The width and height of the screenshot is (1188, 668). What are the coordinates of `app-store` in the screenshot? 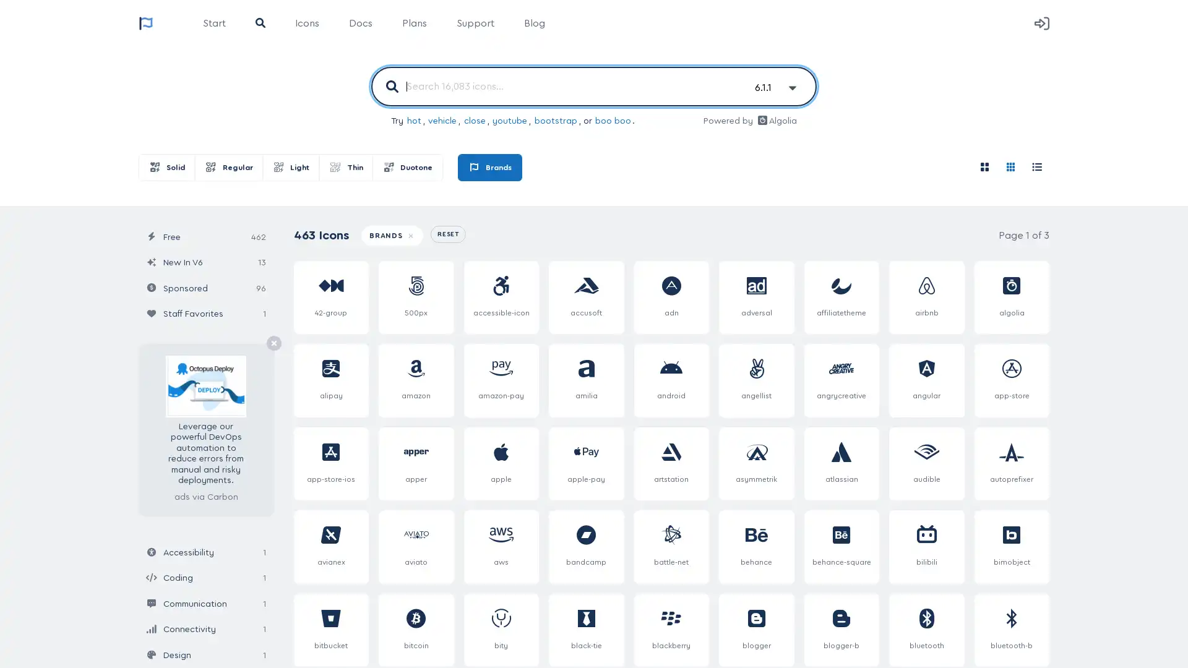 It's located at (1011, 388).